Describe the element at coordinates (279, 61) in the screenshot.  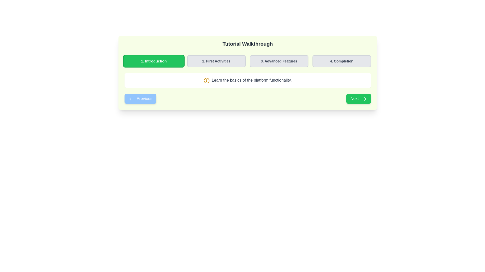
I see `the step indicator button labeled '3. Advanced Features' in the tutorial navigation bar` at that location.